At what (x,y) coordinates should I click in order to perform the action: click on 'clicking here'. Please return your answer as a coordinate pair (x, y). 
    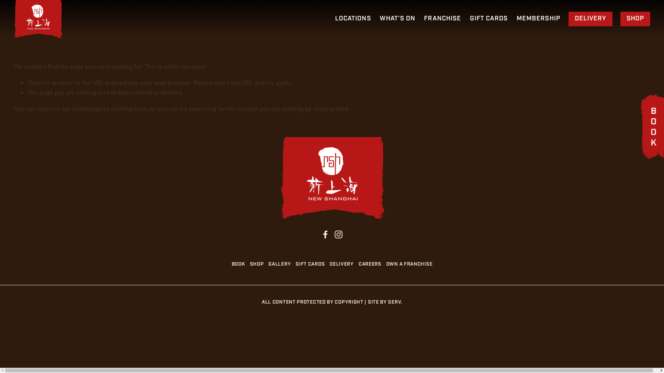
    Looking at the image, I should click on (330, 108).